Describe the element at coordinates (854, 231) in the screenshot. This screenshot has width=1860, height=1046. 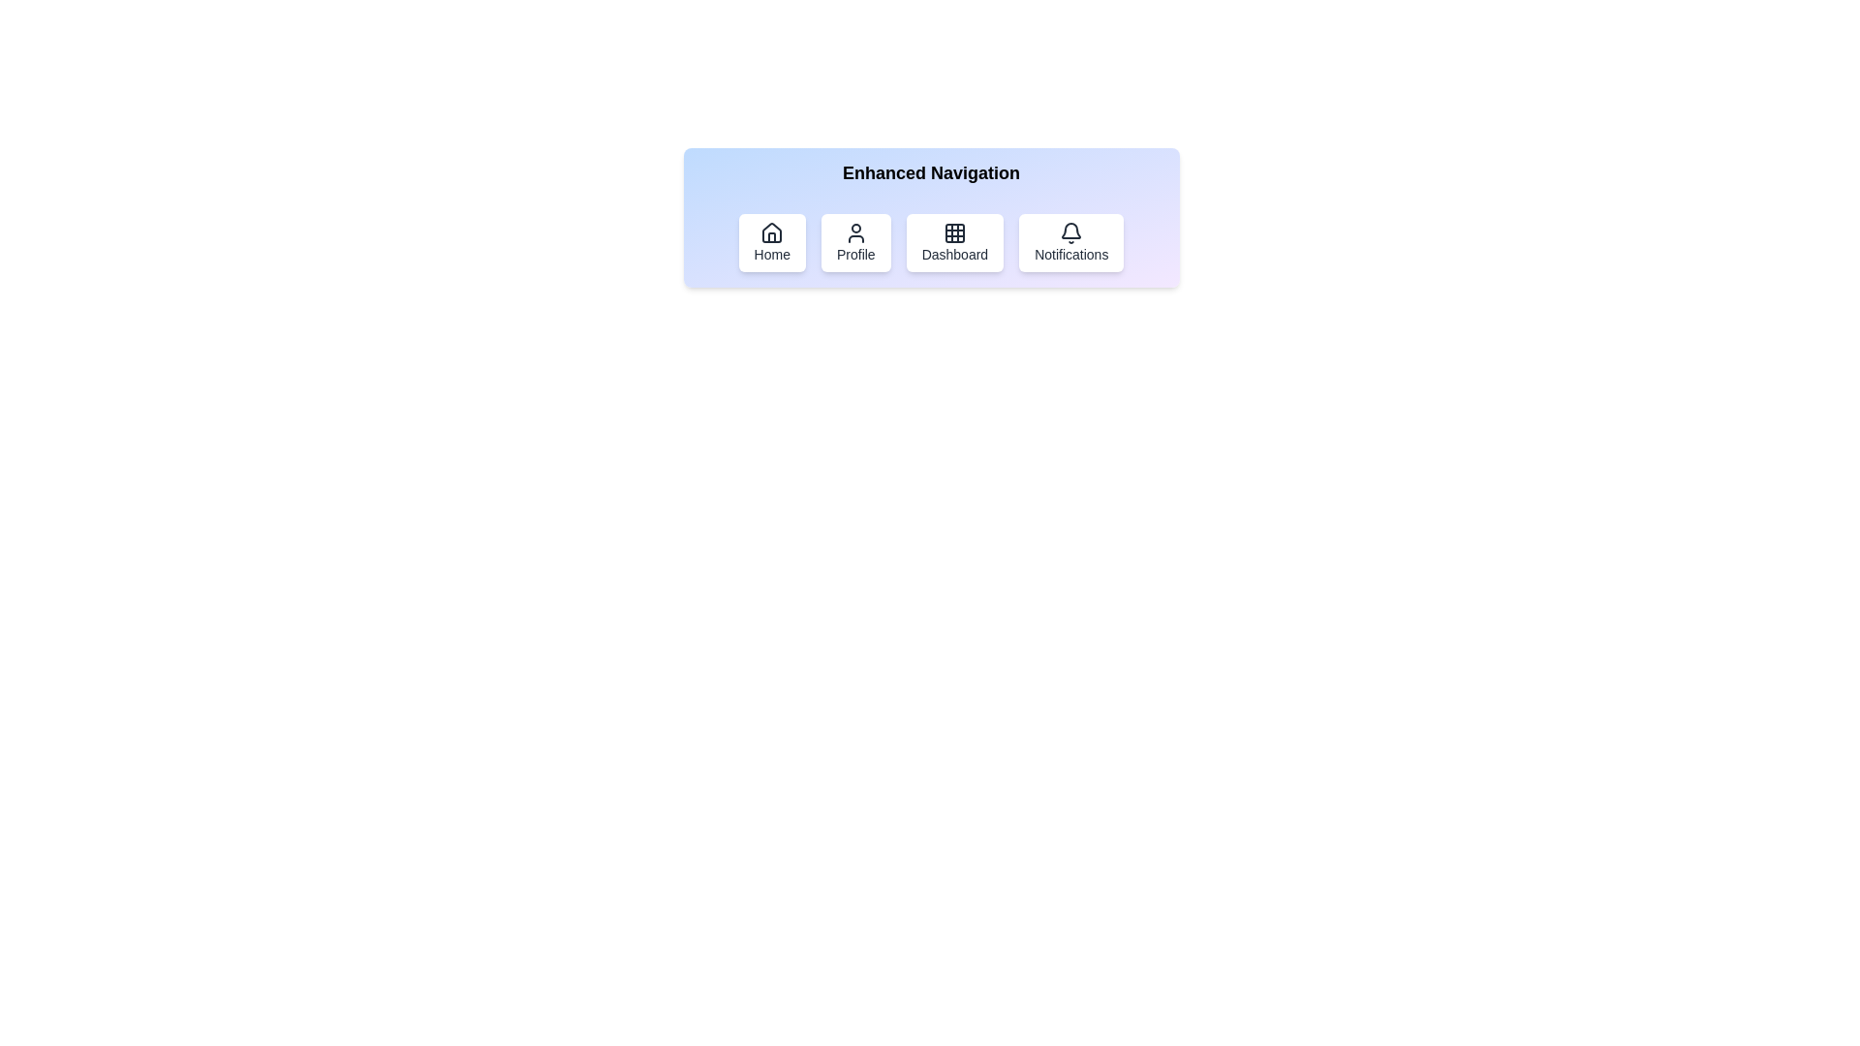
I see `the 'Profile' button` at that location.